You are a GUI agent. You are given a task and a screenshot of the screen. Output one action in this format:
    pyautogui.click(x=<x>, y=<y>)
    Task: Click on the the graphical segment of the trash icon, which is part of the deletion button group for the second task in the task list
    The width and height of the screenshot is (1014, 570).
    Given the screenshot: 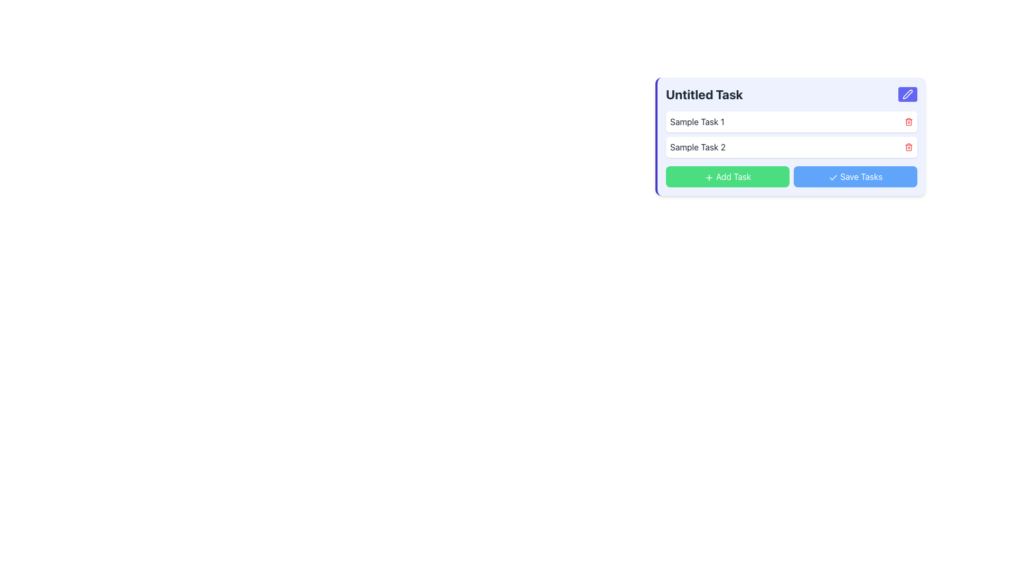 What is the action you would take?
    pyautogui.click(x=908, y=121)
    